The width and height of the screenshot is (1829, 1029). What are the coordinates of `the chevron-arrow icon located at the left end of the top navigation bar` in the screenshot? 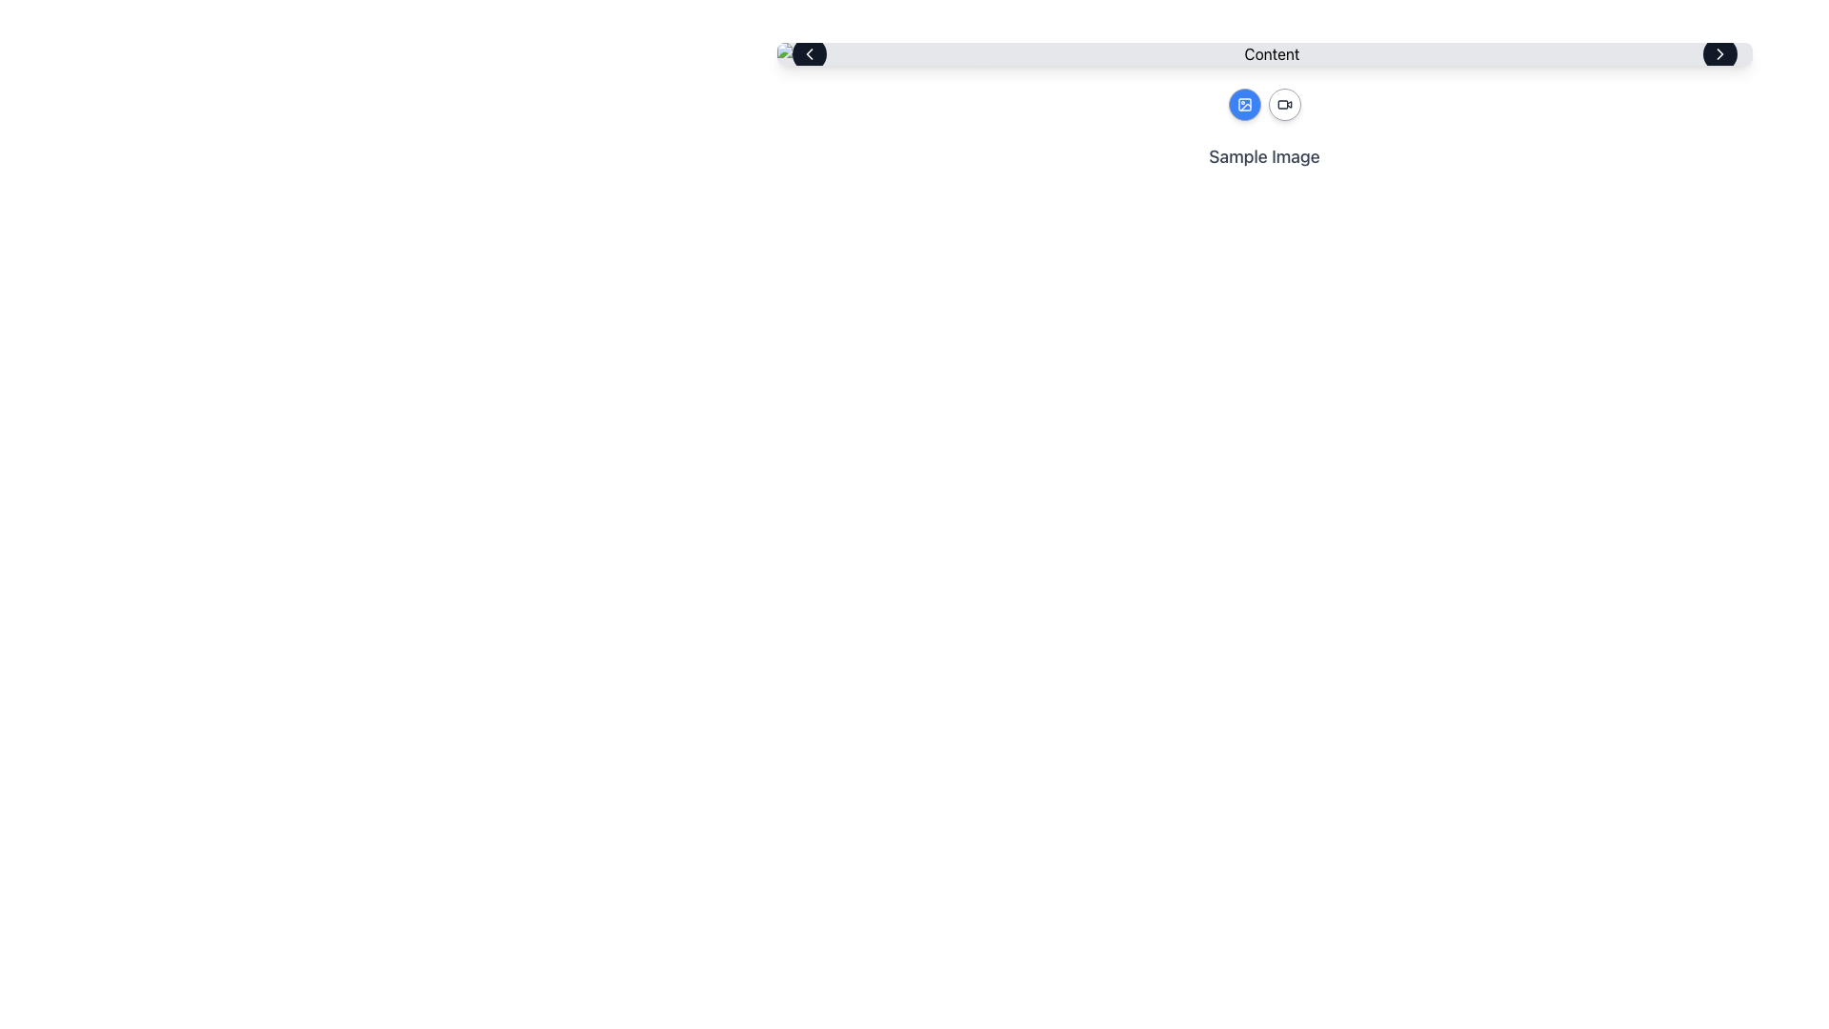 It's located at (809, 53).